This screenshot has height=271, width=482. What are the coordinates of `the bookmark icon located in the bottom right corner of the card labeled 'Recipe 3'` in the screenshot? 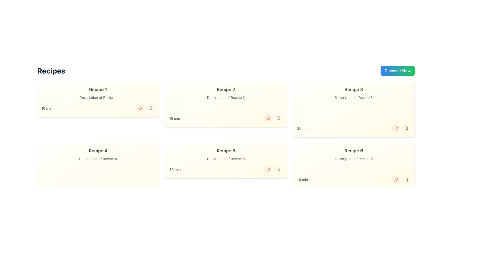 It's located at (406, 128).